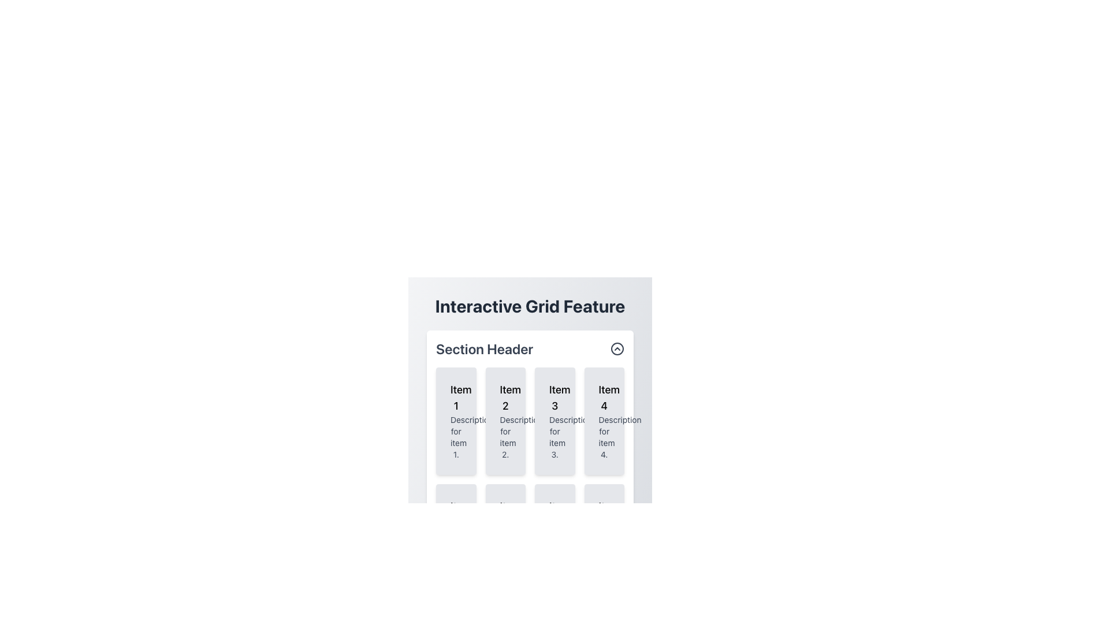  Describe the element at coordinates (554, 398) in the screenshot. I see `the static text label reading 'Item 3' located in the third column of the 'Interactive Grid Feature' section, which is styled with a medium-sized bold font and positioned above descriptive text` at that location.